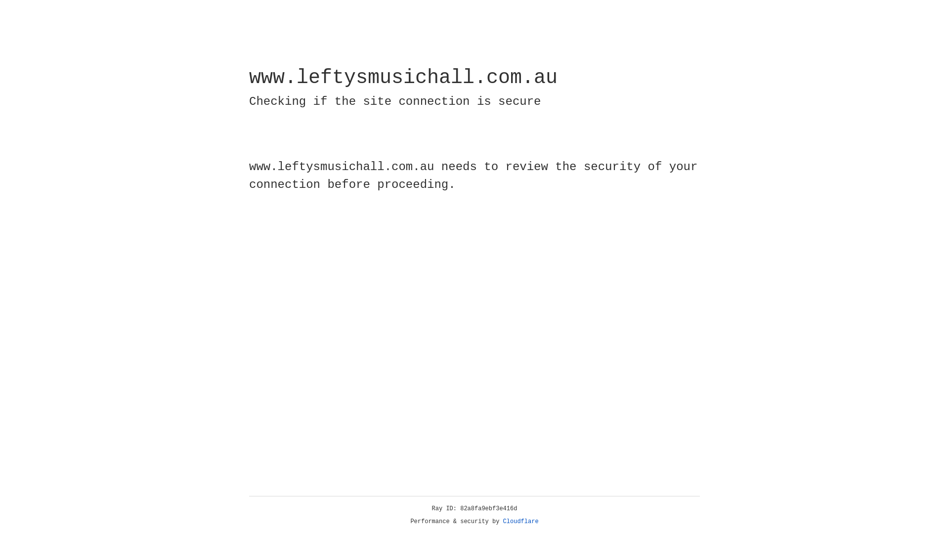  I want to click on 'Cloudflare', so click(503, 521).